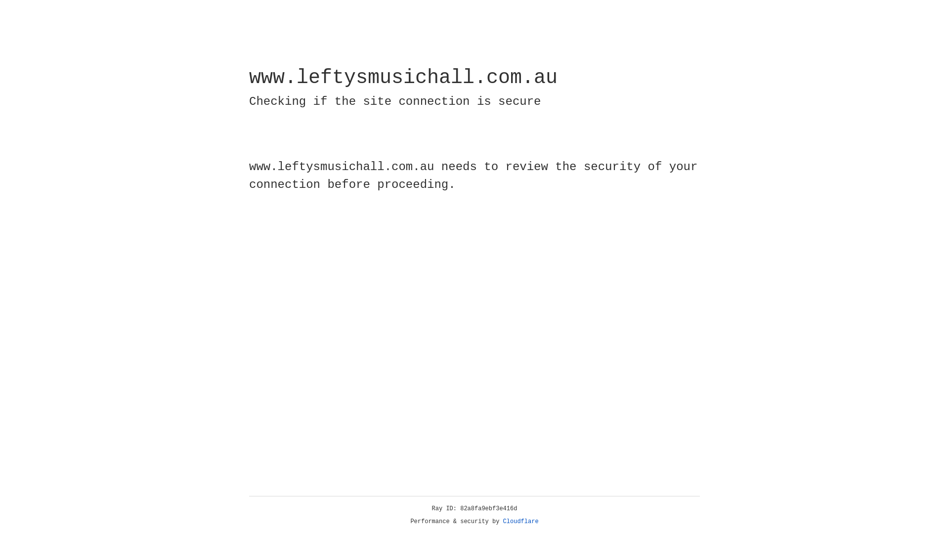  I want to click on 'Cloudflare', so click(503, 521).